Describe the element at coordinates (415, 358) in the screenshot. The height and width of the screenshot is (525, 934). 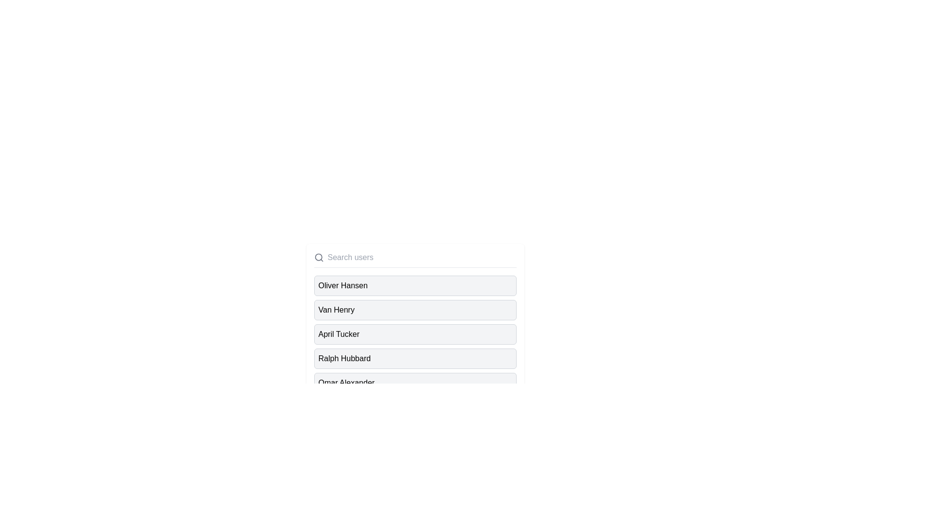
I see `the fourth item in the vertically stacked list, which is positioned between 'April Tucker' and 'Omar Alexander'` at that location.